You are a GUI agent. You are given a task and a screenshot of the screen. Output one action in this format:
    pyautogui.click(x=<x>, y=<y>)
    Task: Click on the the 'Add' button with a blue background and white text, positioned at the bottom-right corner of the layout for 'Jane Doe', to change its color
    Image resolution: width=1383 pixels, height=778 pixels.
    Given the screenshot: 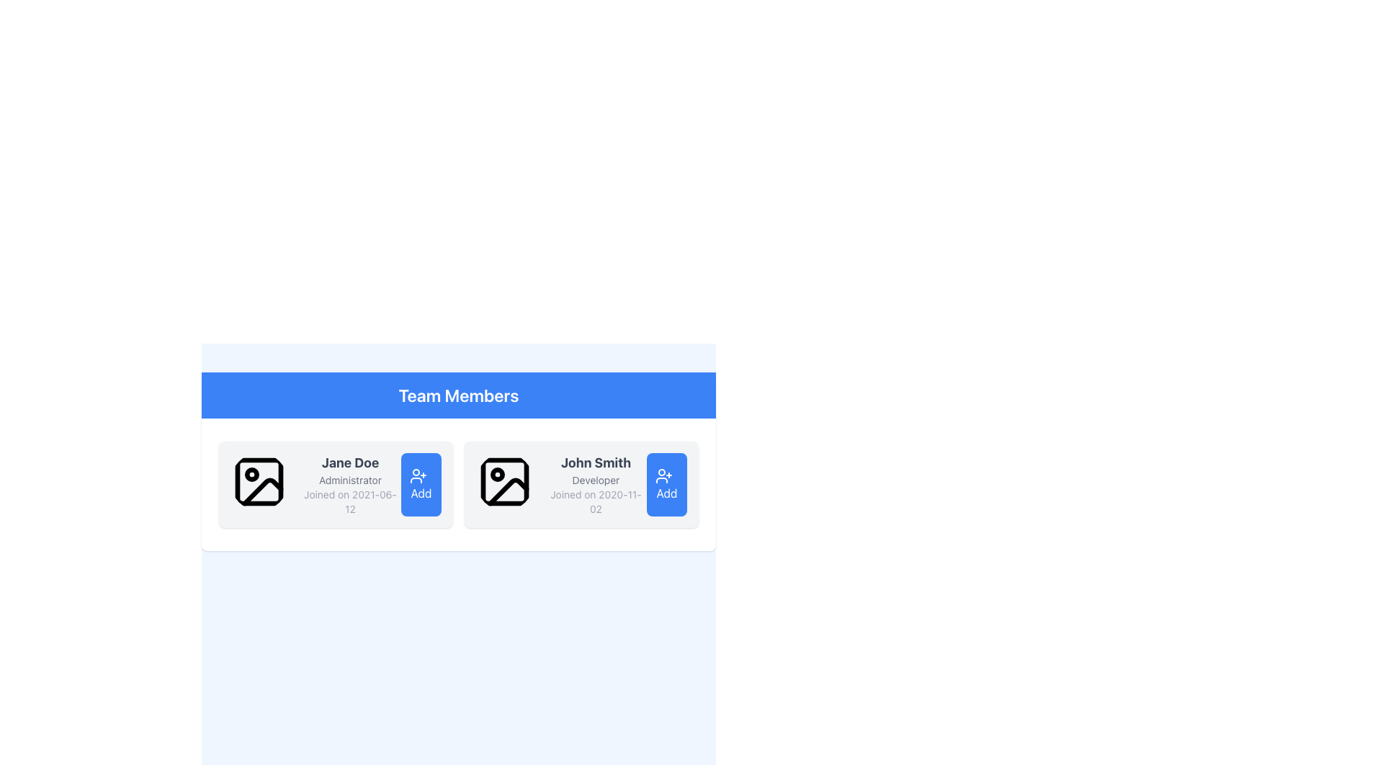 What is the action you would take?
    pyautogui.click(x=421, y=484)
    